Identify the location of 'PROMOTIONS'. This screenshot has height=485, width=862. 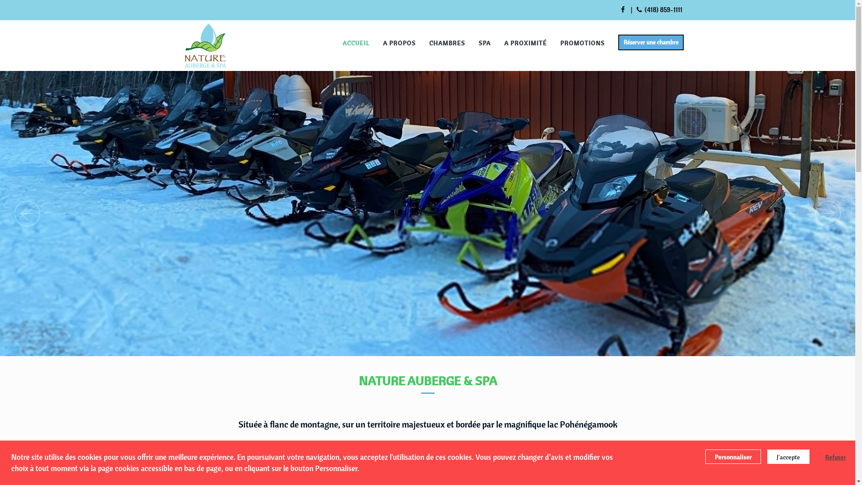
(582, 43).